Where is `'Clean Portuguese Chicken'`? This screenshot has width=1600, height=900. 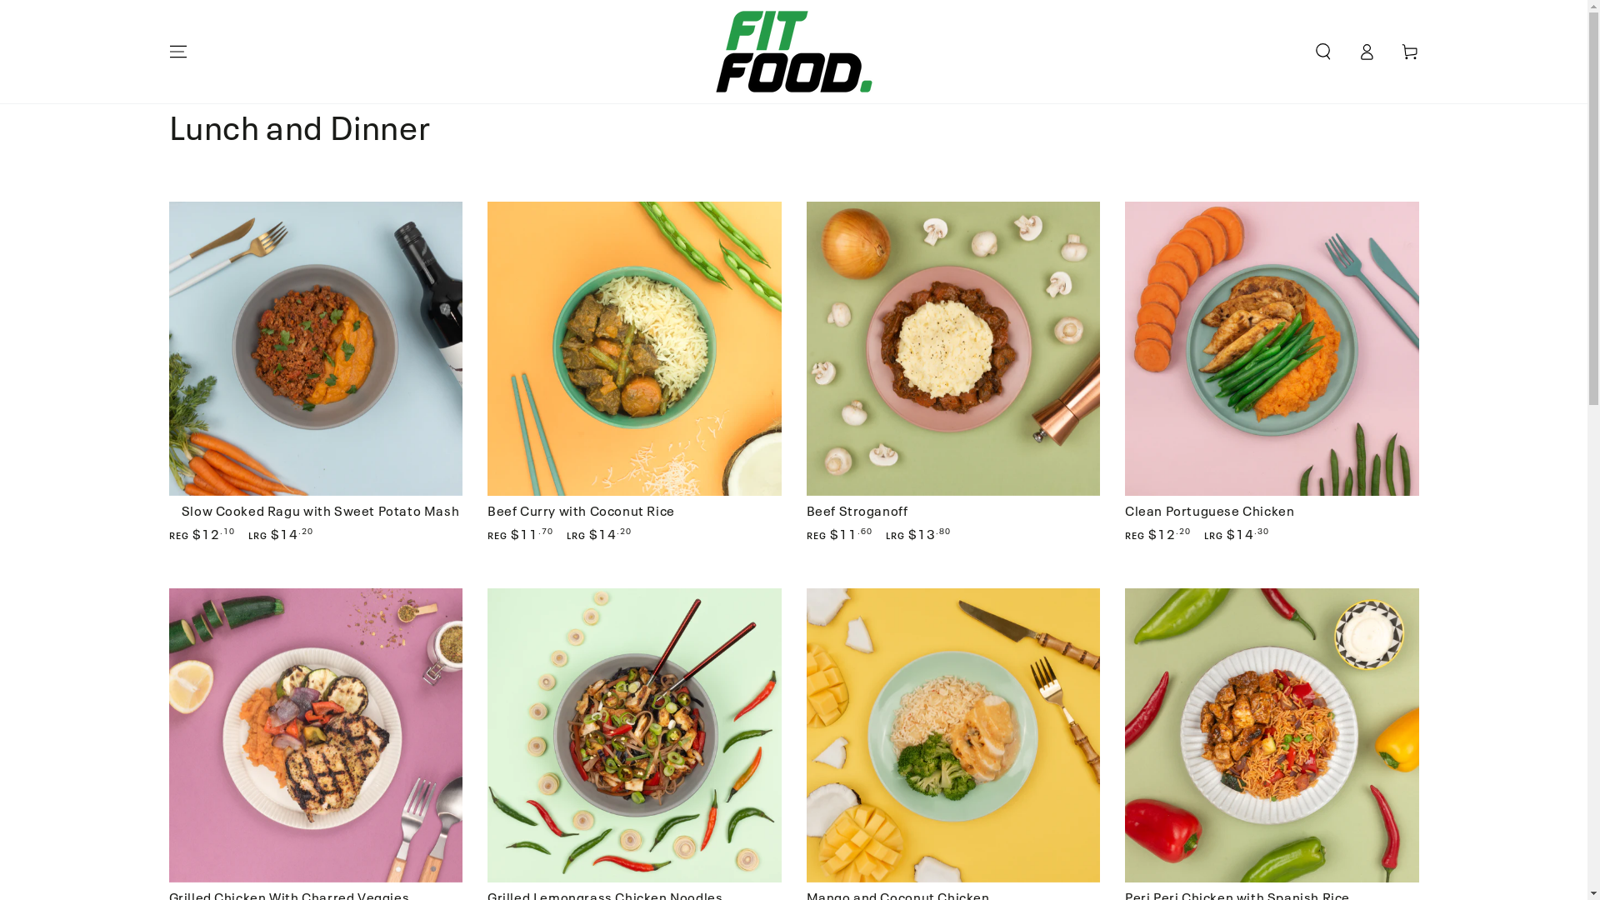
'Clean Portuguese Chicken' is located at coordinates (1209, 509).